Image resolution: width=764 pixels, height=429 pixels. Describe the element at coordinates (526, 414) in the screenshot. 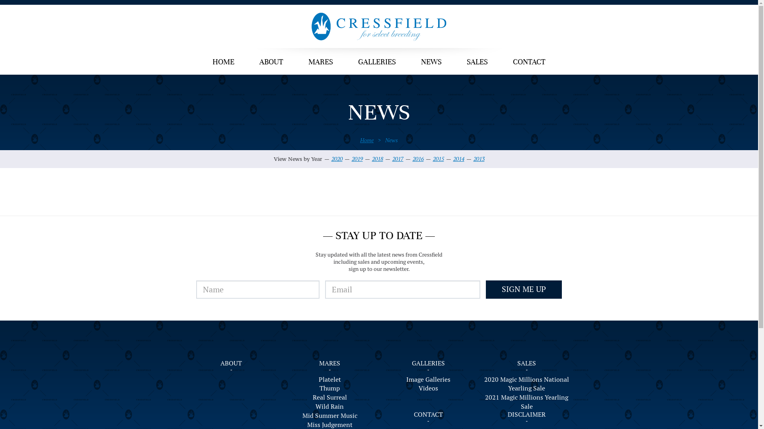

I see `'DISCLAIMER'` at that location.